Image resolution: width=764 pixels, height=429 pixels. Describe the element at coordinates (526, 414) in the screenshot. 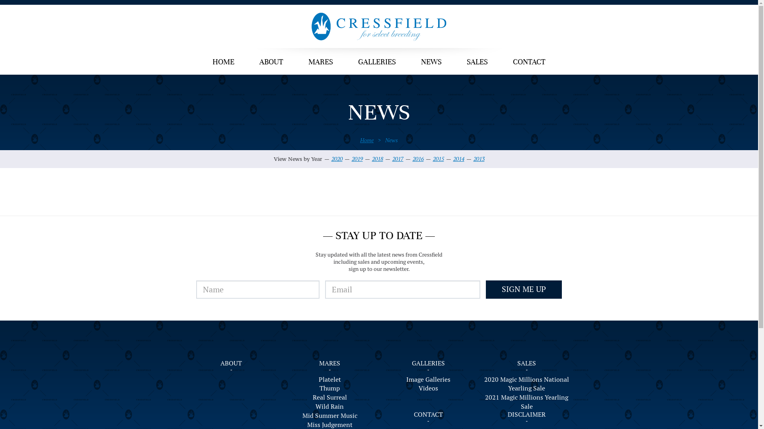

I see `'DISCLAIMER'` at that location.